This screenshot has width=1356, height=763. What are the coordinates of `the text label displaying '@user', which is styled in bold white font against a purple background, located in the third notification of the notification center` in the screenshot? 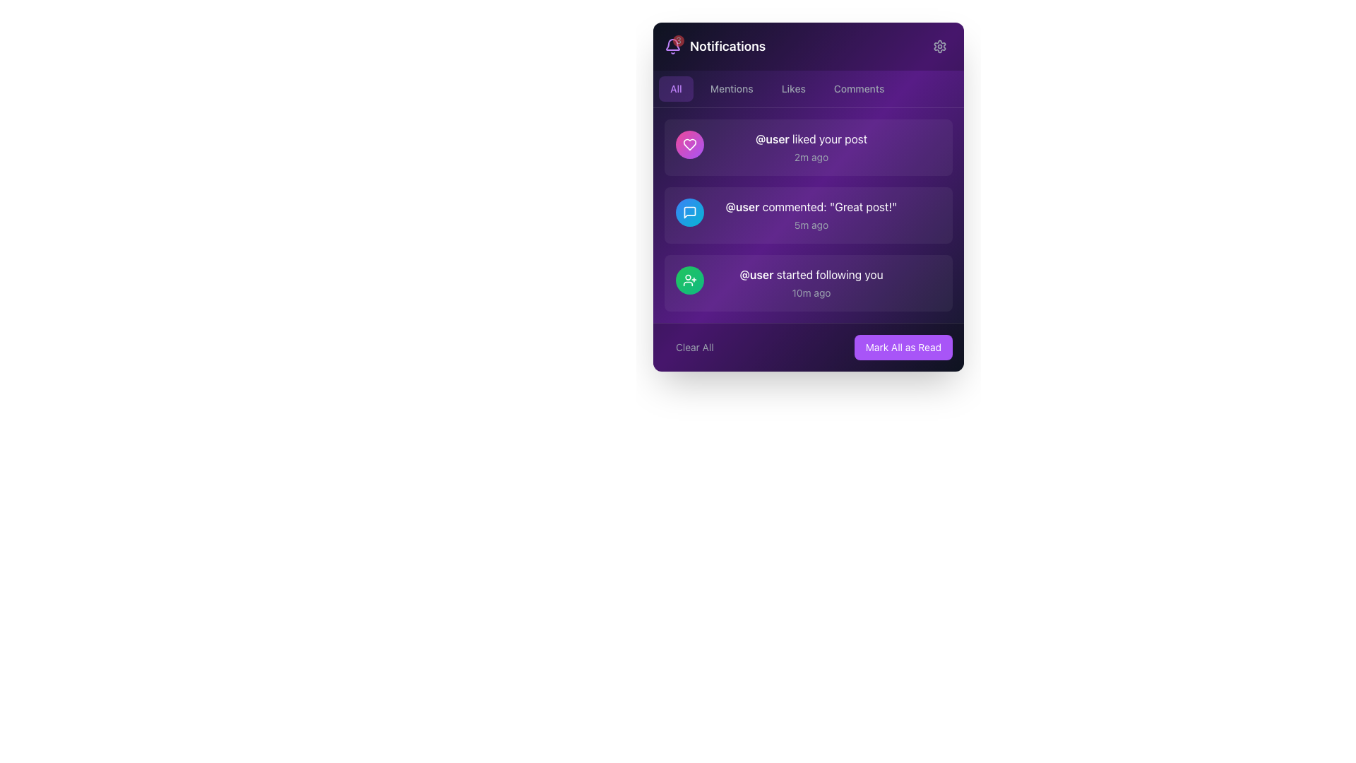 It's located at (756, 275).